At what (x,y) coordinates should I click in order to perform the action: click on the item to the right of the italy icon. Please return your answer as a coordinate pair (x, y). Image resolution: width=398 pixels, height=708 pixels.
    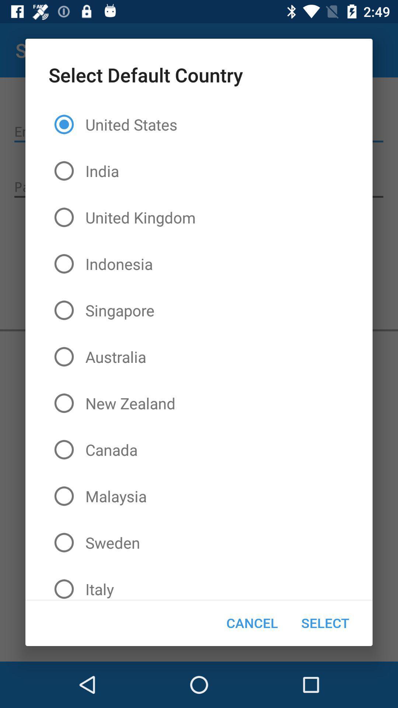
    Looking at the image, I should click on (252, 622).